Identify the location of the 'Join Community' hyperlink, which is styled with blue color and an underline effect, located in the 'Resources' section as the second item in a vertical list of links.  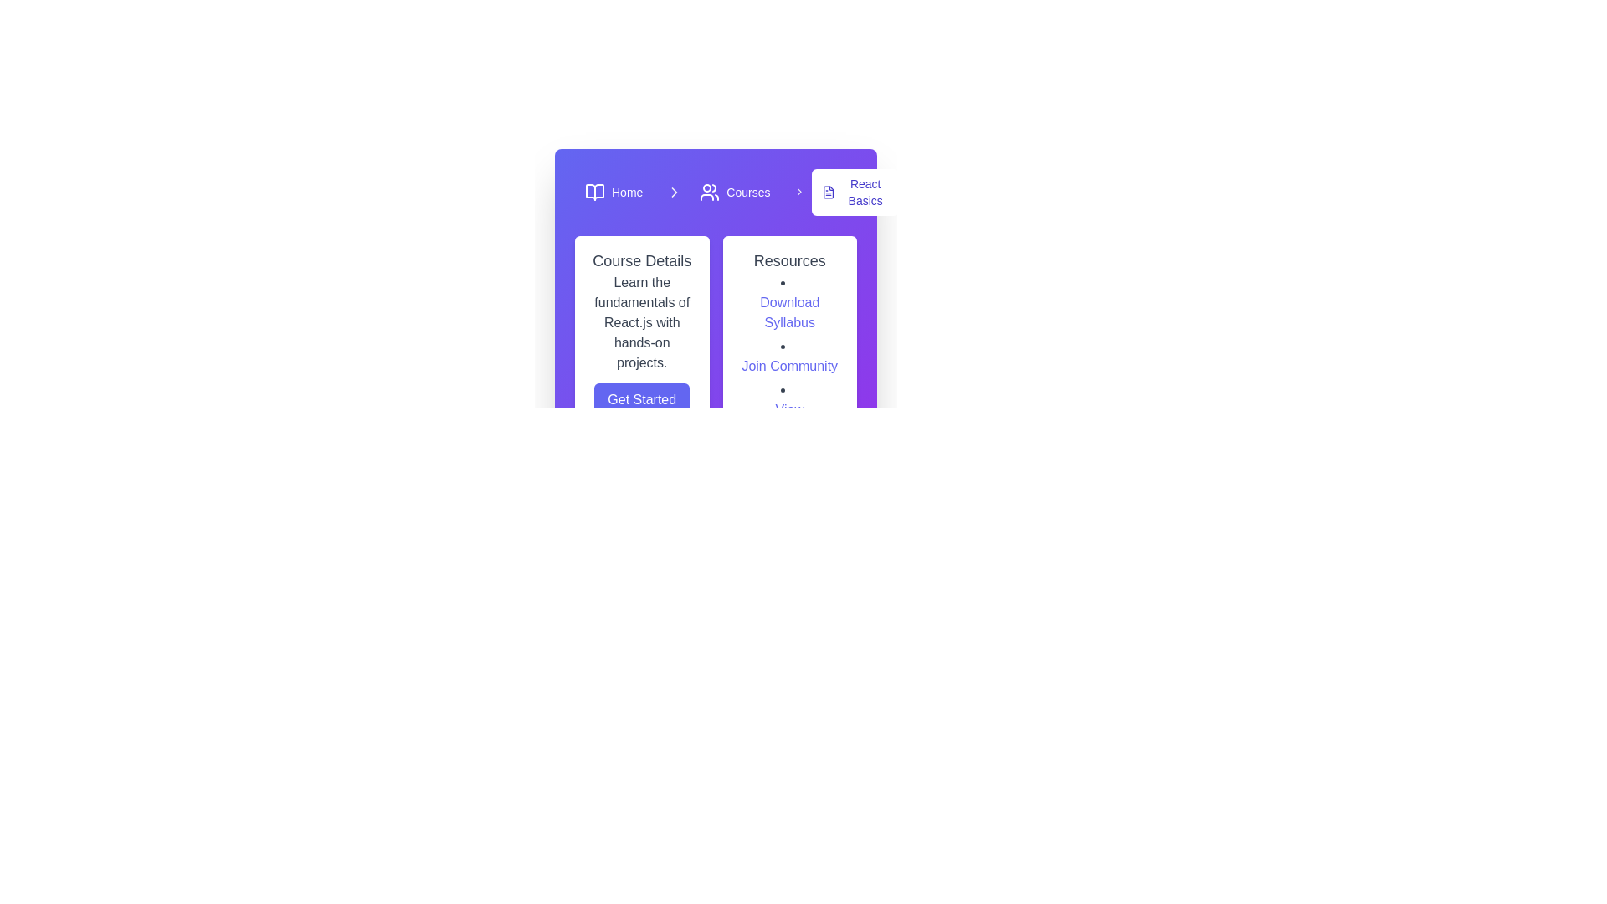
(788, 355).